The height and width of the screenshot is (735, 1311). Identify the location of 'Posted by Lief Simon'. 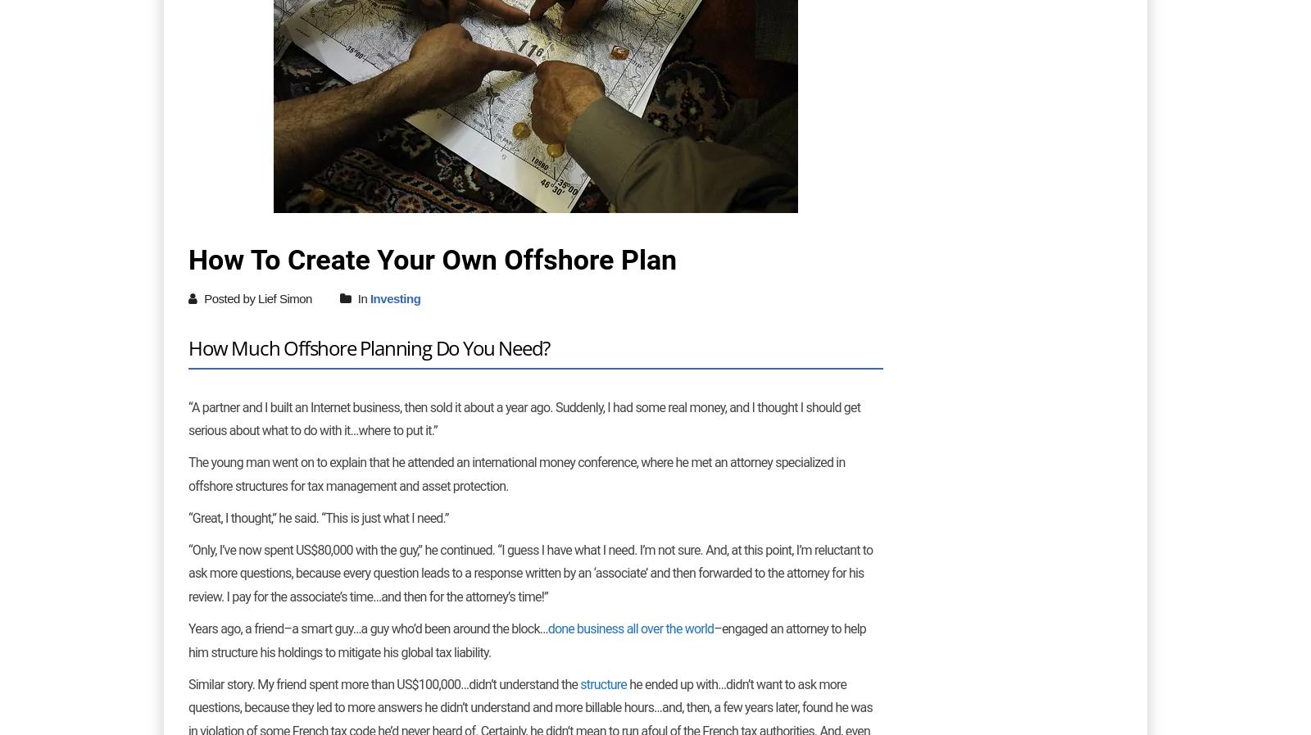
(256, 297).